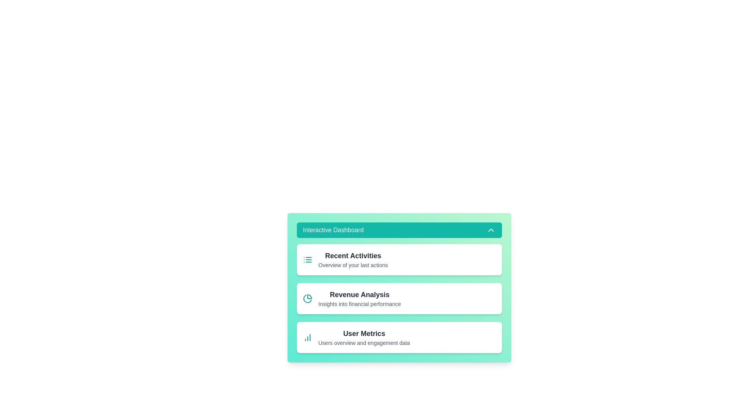  Describe the element at coordinates (307, 259) in the screenshot. I see `the icon of the widget Recent Activities to interact with it` at that location.